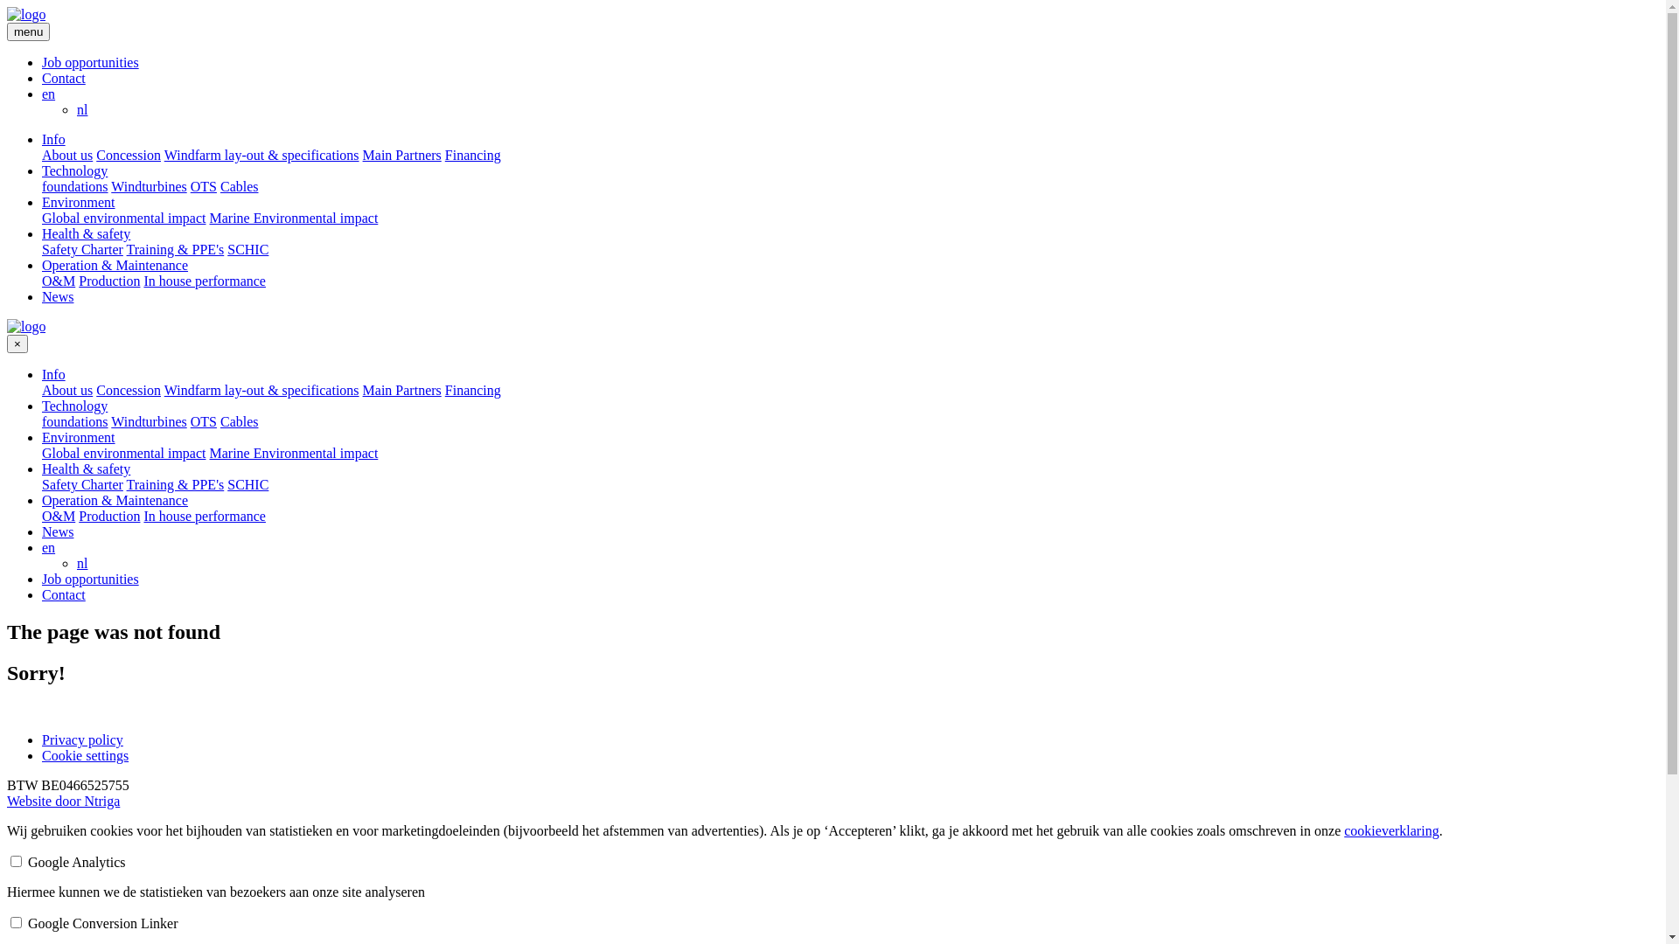 This screenshot has height=944, width=1679. What do you see at coordinates (7, 801) in the screenshot?
I see `'Website door Ntriga'` at bounding box center [7, 801].